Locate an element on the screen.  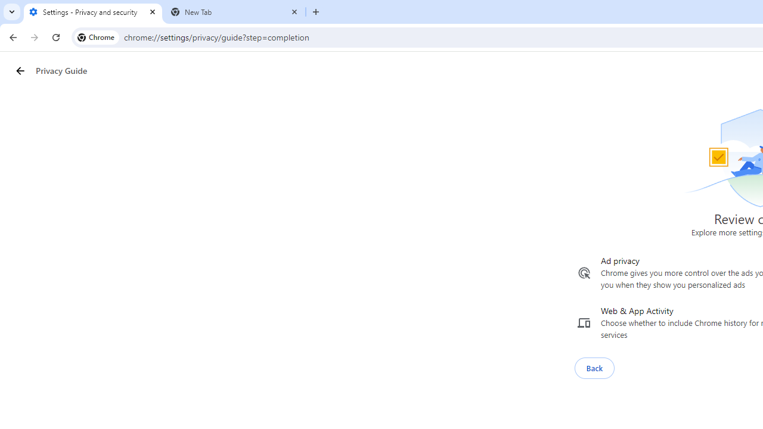
'Settings - Privacy and security' is located at coordinates (92, 12).